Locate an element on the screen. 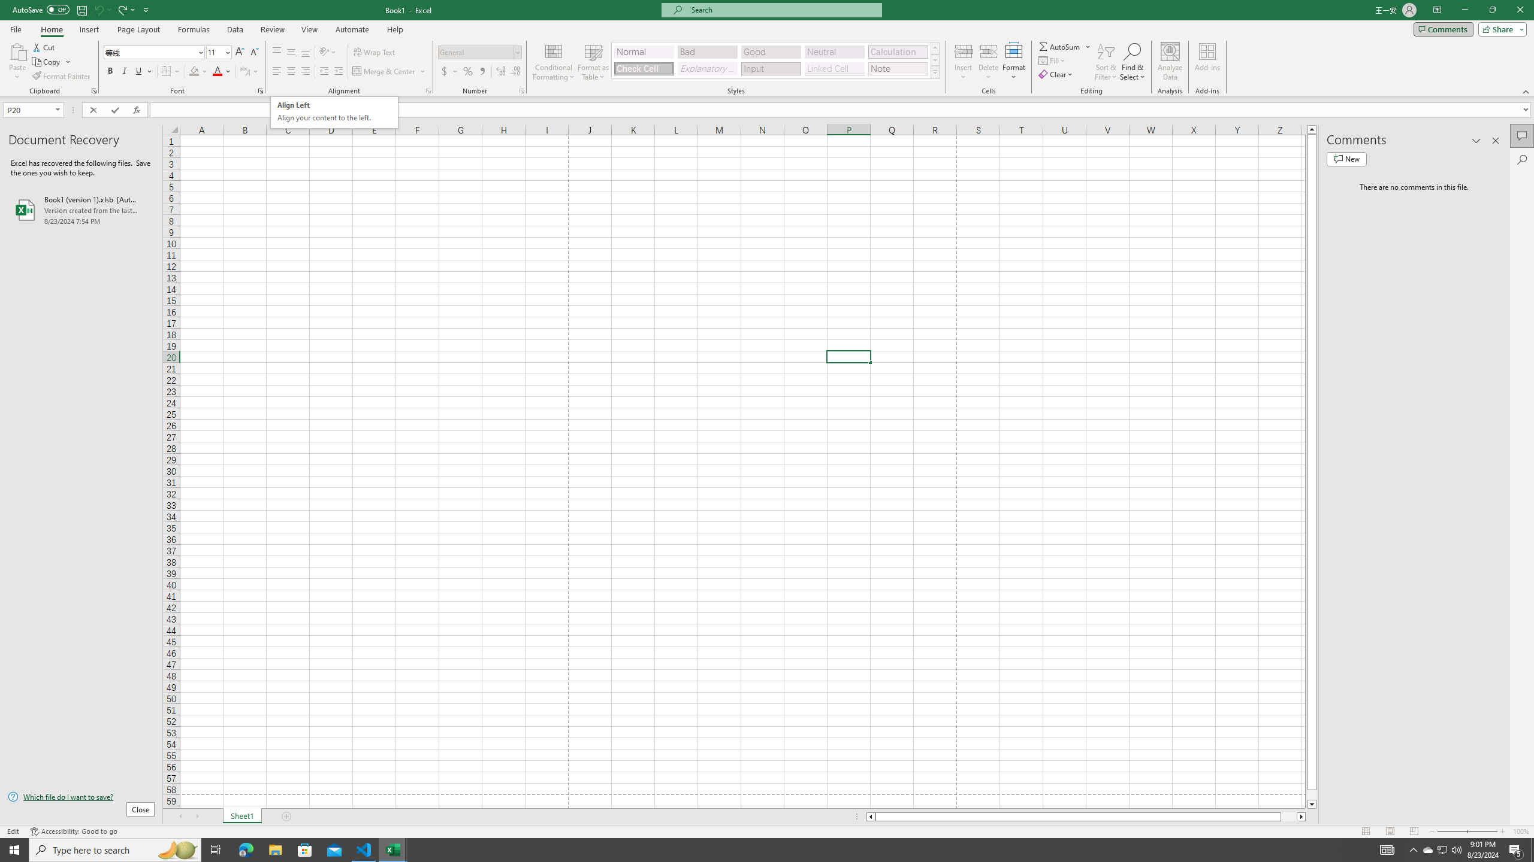 Image resolution: width=1534 pixels, height=862 pixels. 'Merge & Center' is located at coordinates (389, 71).